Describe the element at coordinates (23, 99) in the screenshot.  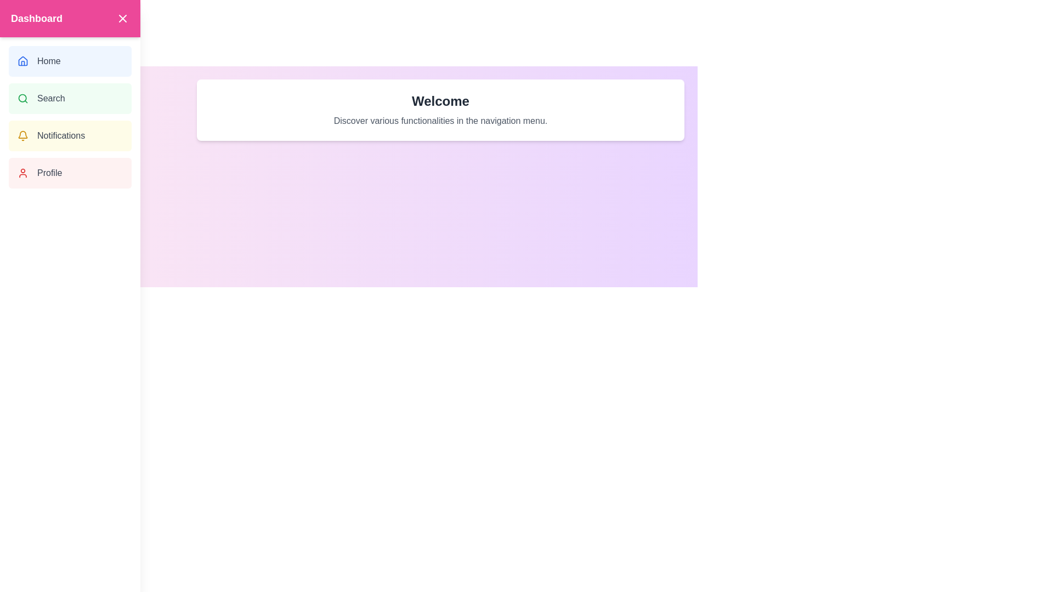
I see `the search icon located in the sidebar menu labeled 'Dashboard', which is the first icon within the 'Search' item, positioned directly to the left of the text label` at that location.